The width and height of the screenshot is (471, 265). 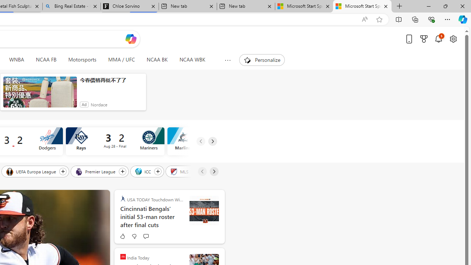 I want to click on 'Ad', so click(x=84, y=105).